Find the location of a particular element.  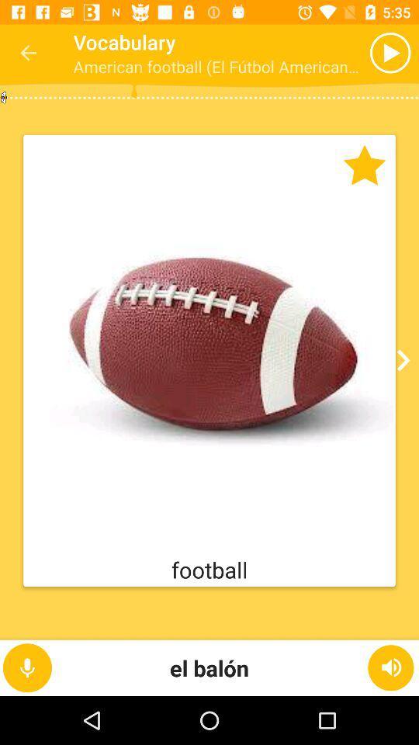

the volume icon is located at coordinates (390, 667).